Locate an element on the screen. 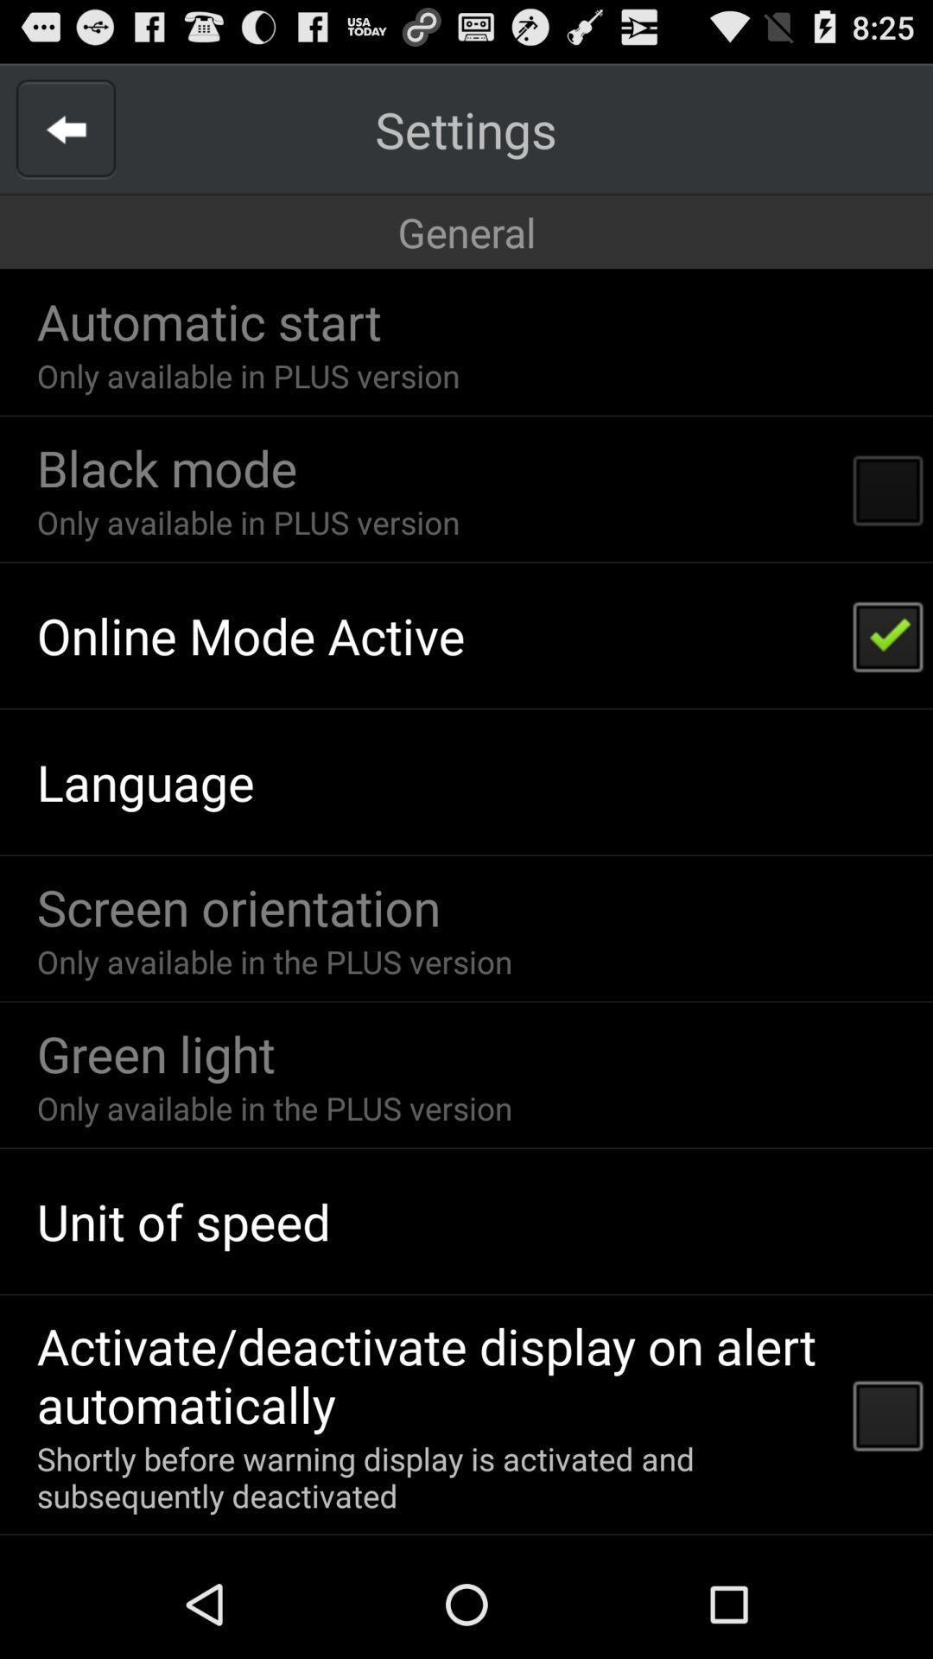 The image size is (933, 1659). go back is located at coordinates (65, 128).